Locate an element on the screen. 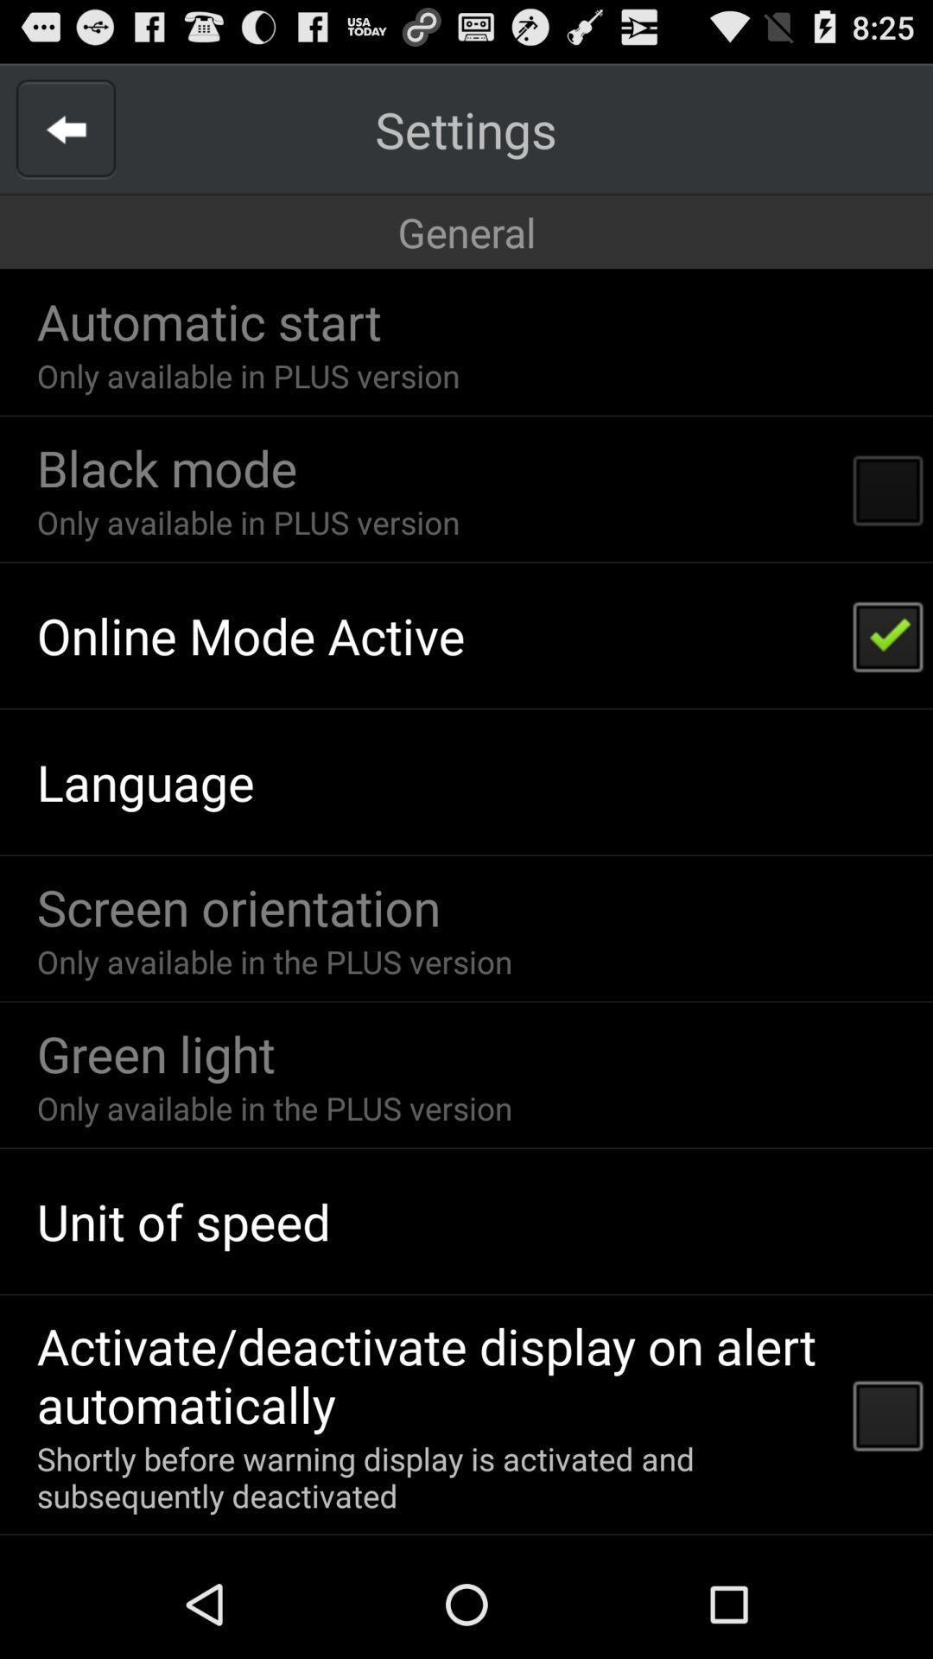 The image size is (933, 1659). go back is located at coordinates (65, 128).